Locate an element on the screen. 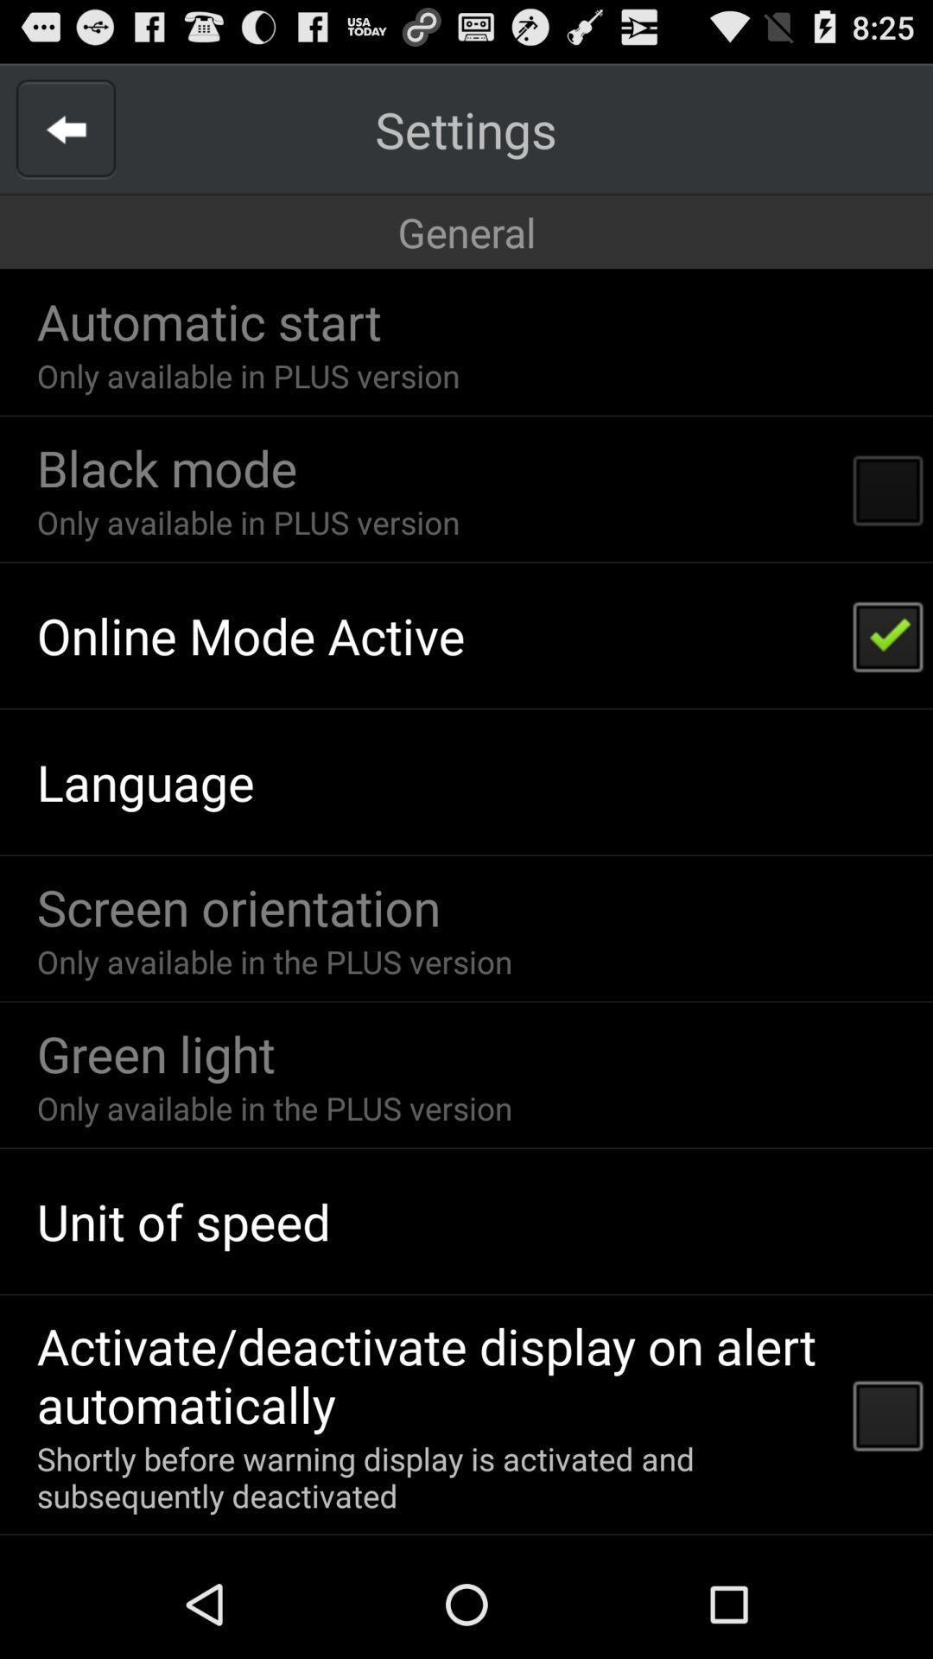 The image size is (933, 1659). go back is located at coordinates (65, 128).